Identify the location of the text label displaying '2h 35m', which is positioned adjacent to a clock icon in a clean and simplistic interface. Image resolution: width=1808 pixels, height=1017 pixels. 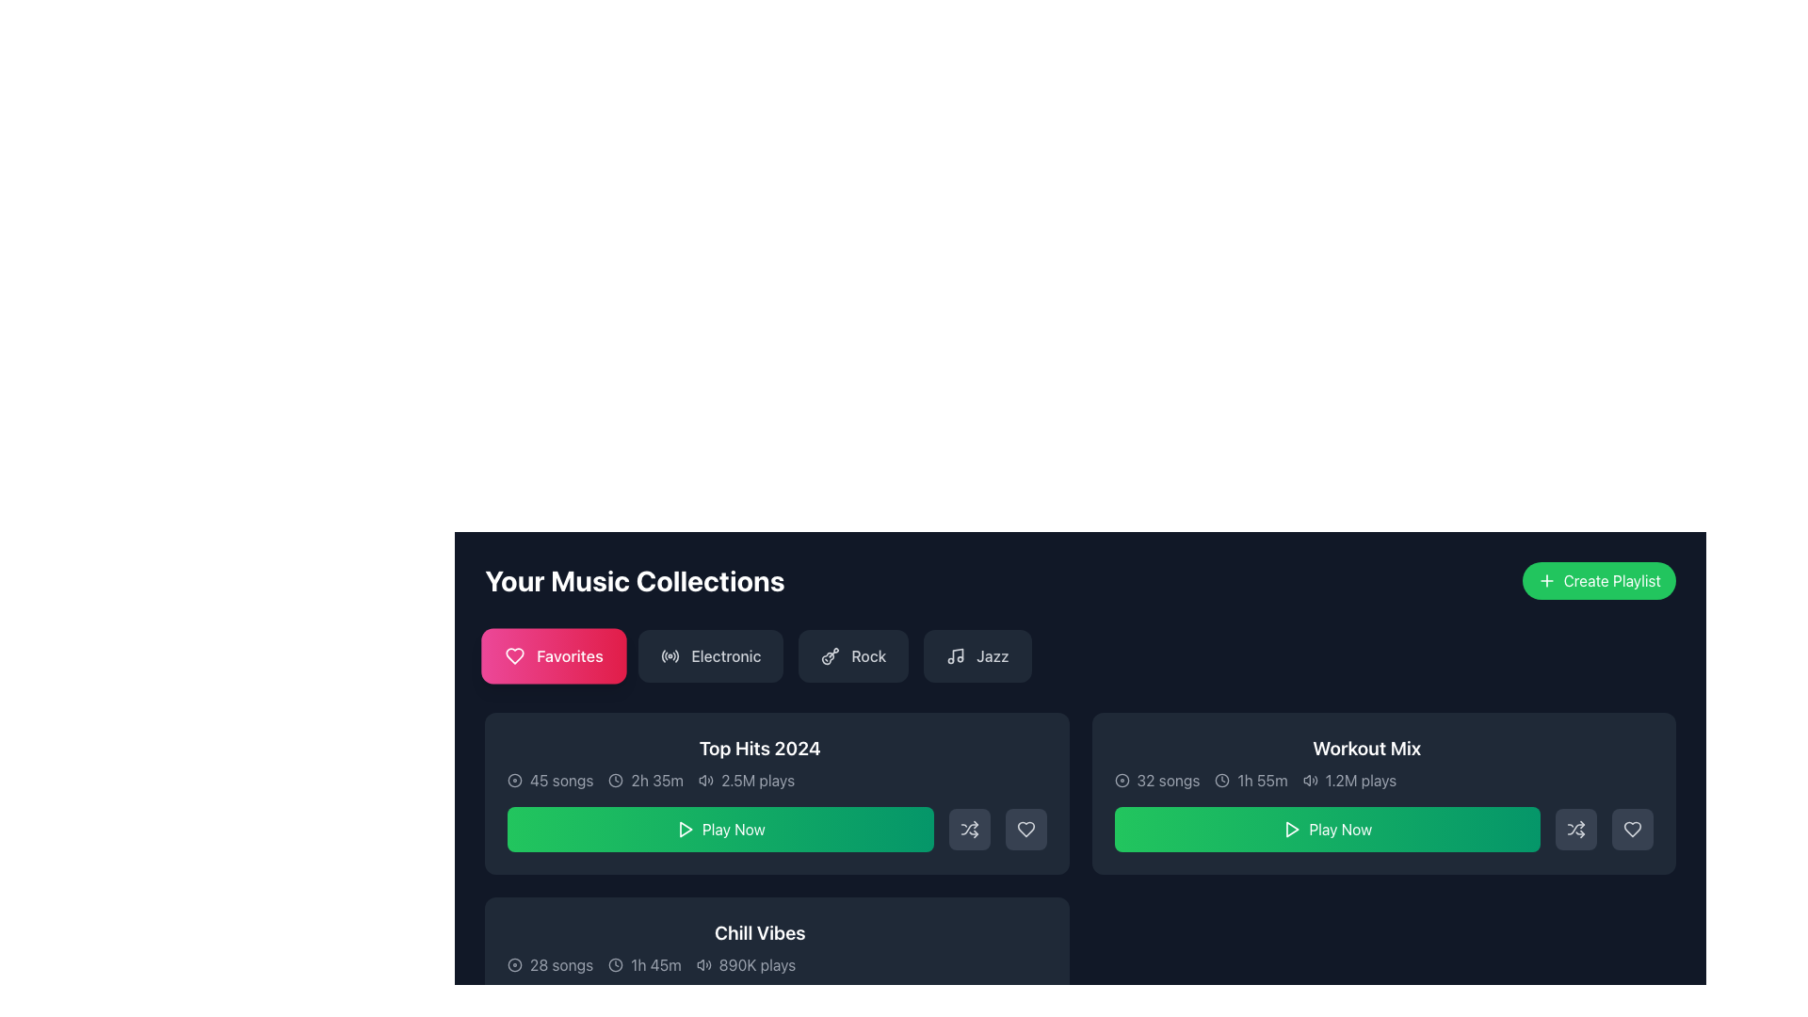
(657, 781).